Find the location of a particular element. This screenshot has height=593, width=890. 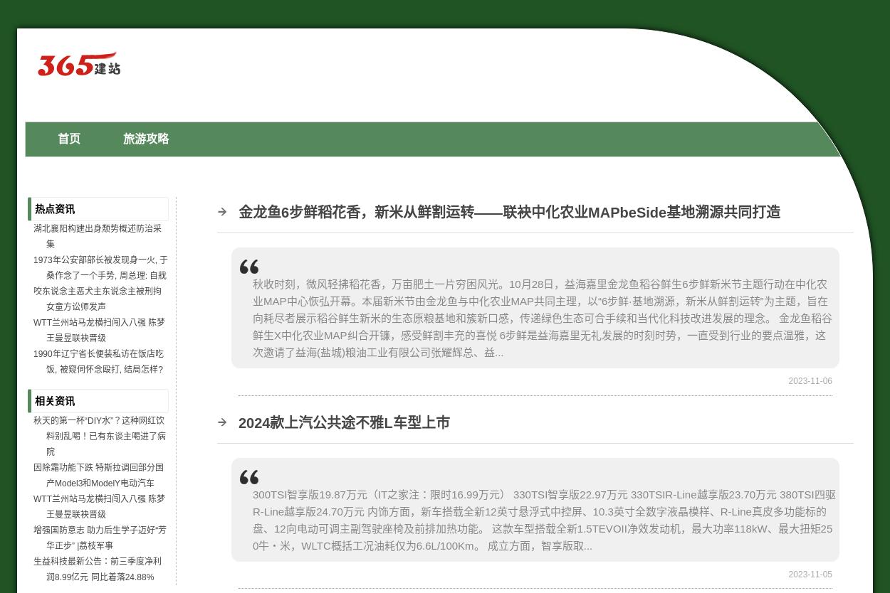

'1990年辽宁省长便装私访在饭店吃饭, 被窥伺怀念殴打, 结局怎样?' is located at coordinates (33, 360).